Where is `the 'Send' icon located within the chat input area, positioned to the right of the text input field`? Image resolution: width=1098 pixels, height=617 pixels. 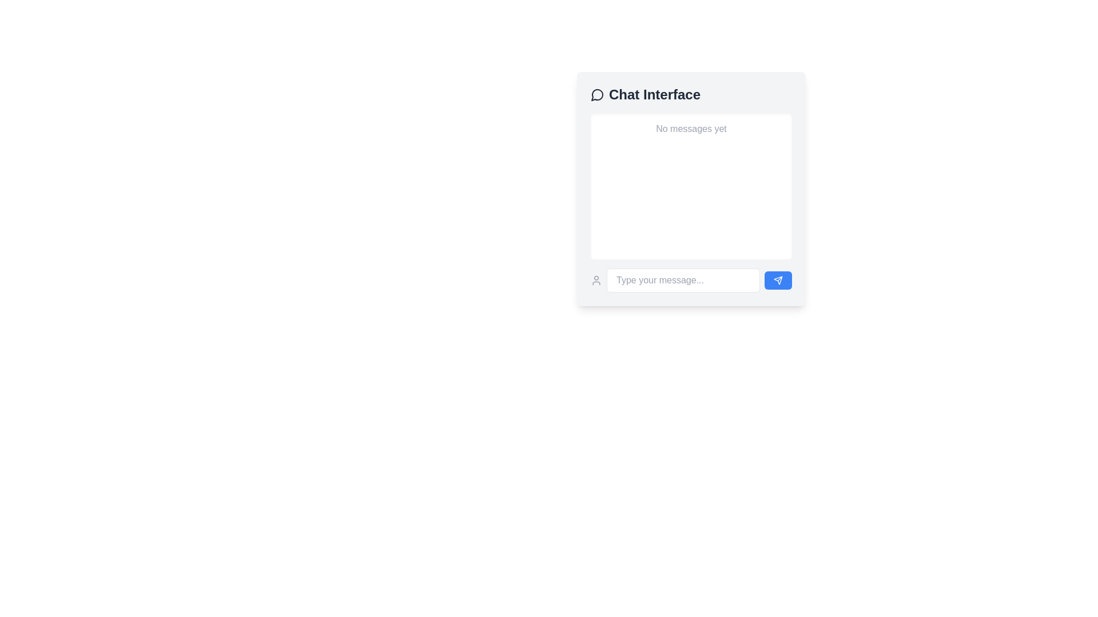
the 'Send' icon located within the chat input area, positioned to the right of the text input field is located at coordinates (778, 280).